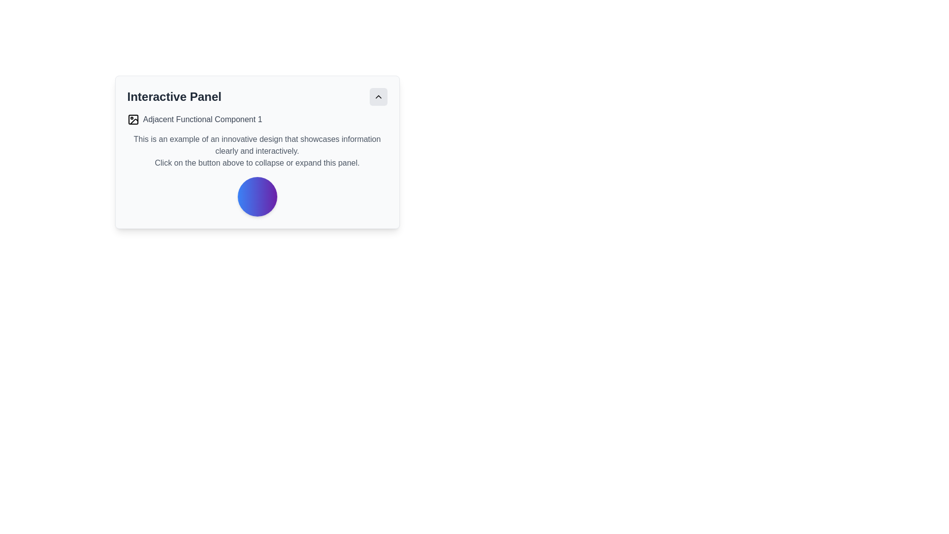 The image size is (949, 534). I want to click on the multiline text block that describes an innovative design and provides instructions to interact with the panel above, located centrally within the card below the heading 'Interactive Panel', so click(257, 151).